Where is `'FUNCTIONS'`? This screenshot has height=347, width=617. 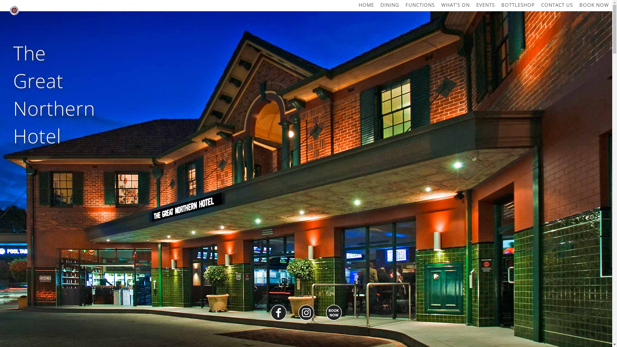 'FUNCTIONS' is located at coordinates (420, 5).